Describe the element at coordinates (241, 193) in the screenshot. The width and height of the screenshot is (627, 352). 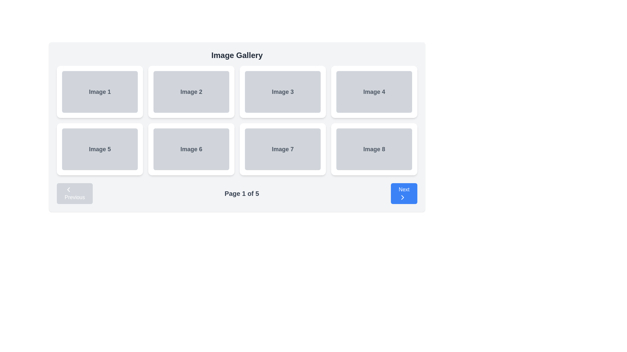
I see `the text label displaying 'Page 1 of 5', which is styled with a larger font size, gray color, and bold text, located in the central section of the navigation bar below the grid of image thumbnails` at that location.